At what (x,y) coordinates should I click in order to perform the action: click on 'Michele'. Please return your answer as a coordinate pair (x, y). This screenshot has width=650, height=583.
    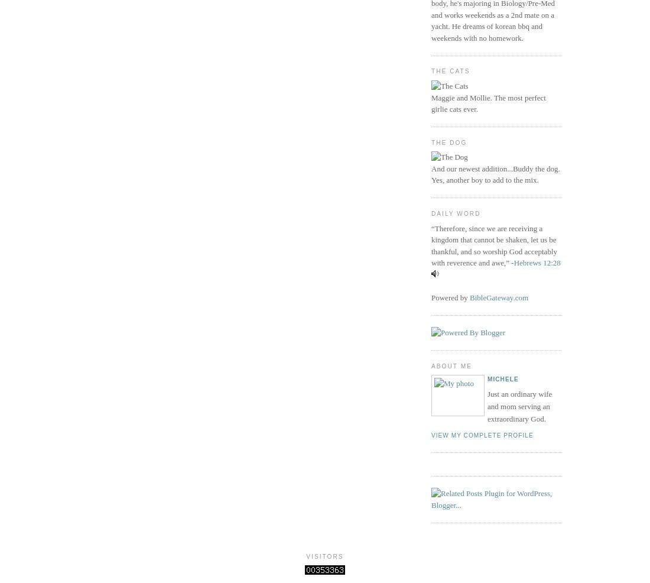
    Looking at the image, I should click on (502, 379).